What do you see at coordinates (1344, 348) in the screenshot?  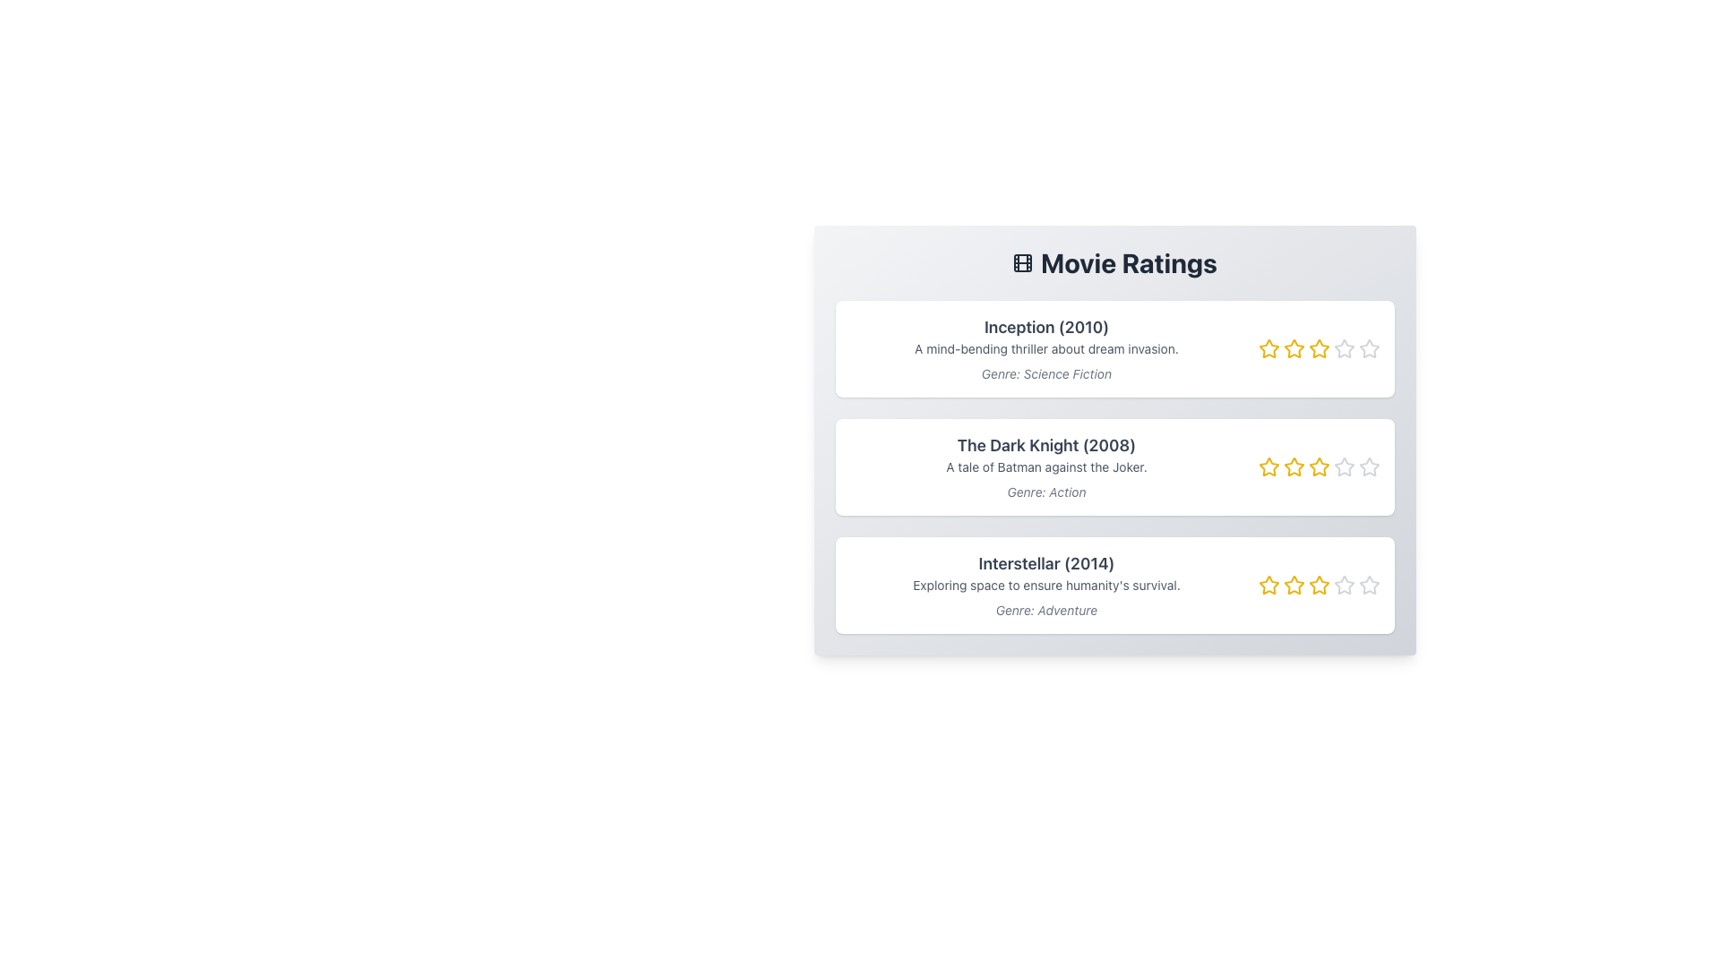 I see `the filled yellow star icon which is the fourth star in the rating system for the movie 'Inception (2010)', indicating a positive rating` at bounding box center [1344, 348].